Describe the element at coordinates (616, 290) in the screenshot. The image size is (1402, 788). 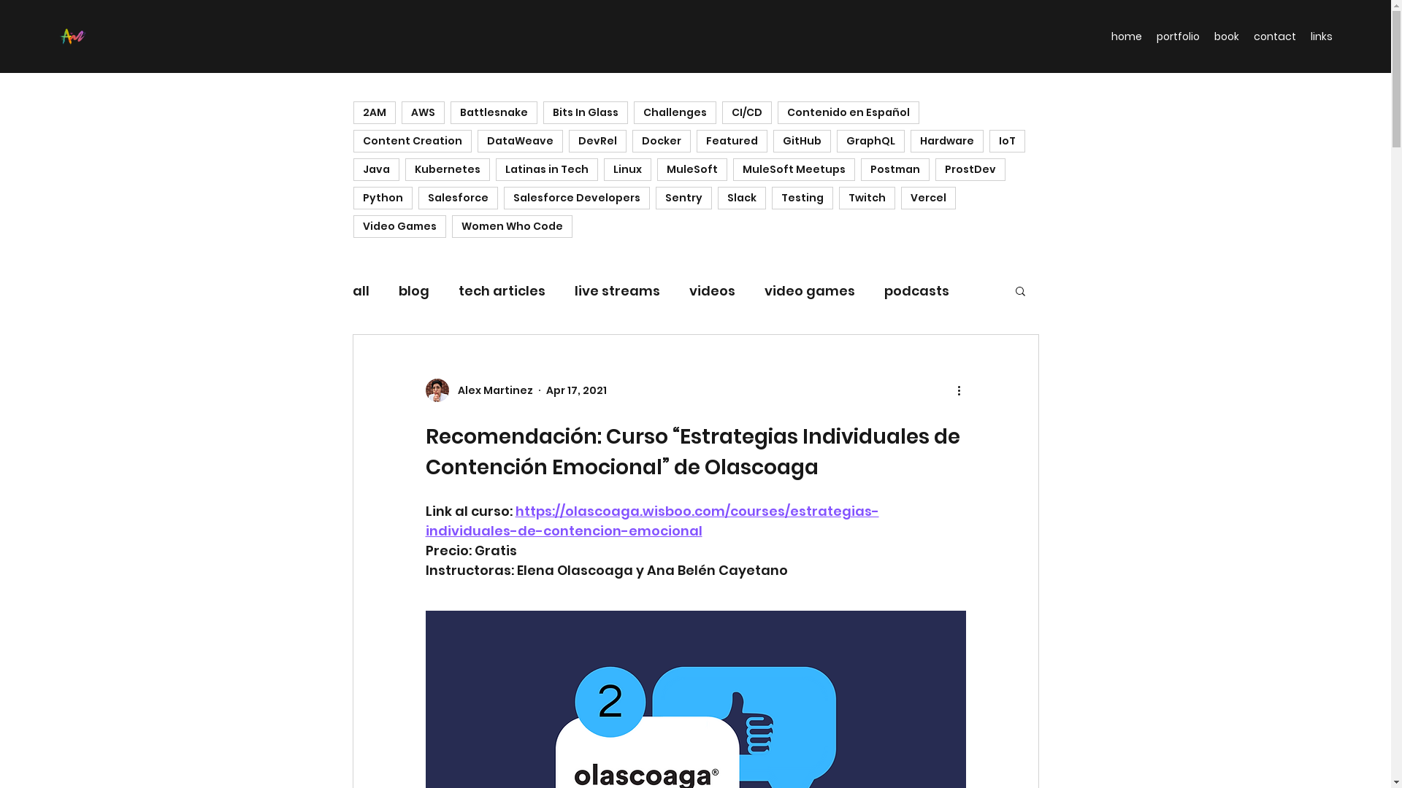
I see `'live streams'` at that location.